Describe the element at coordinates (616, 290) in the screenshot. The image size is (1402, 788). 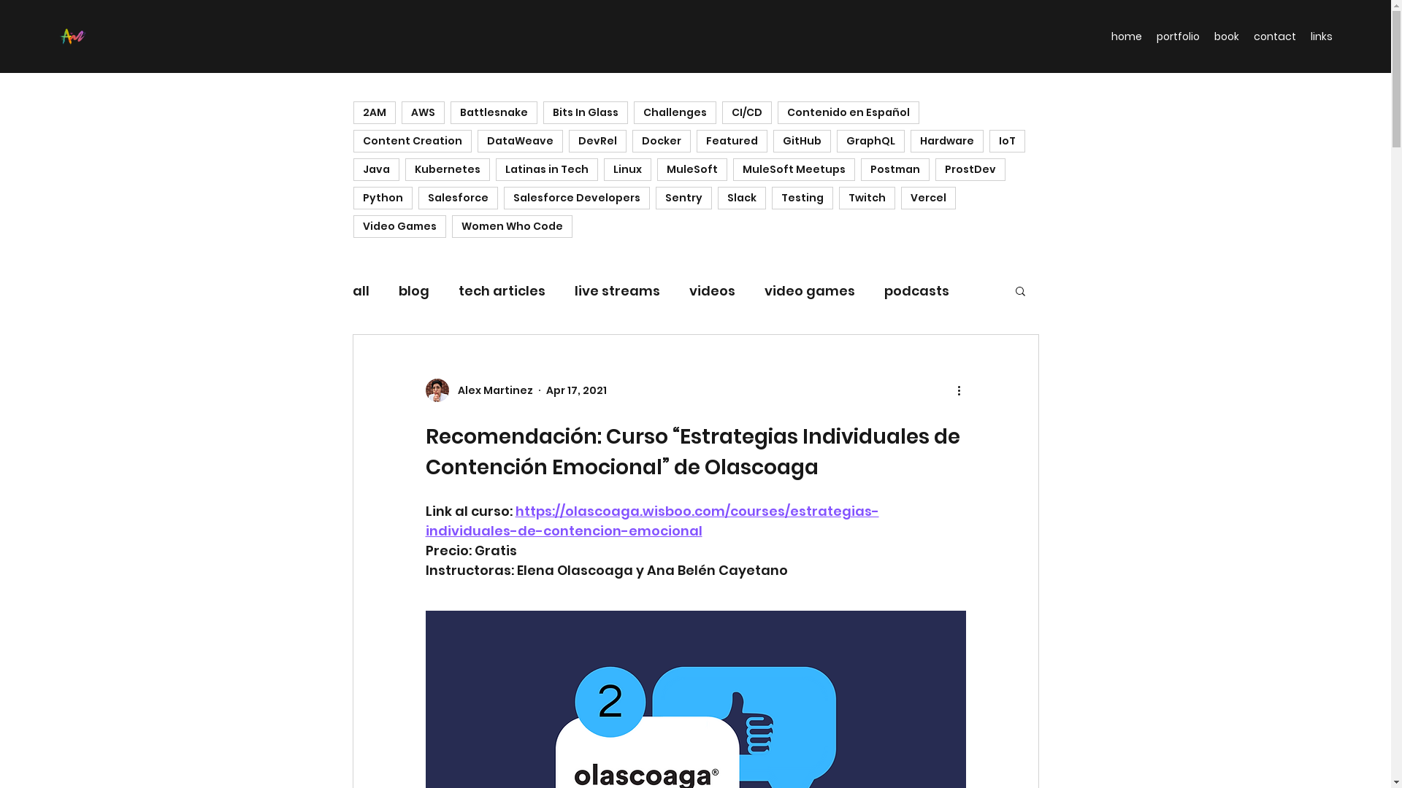
I see `'live streams'` at that location.